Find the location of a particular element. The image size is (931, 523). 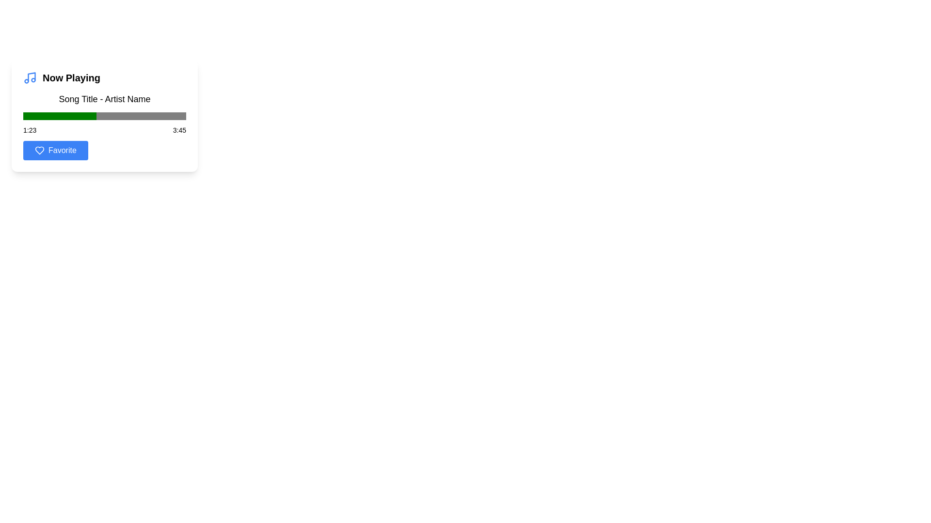

the text label displaying 'Song Title - Artist Name', which is prominently styled and located below the 'Now Playing' label is located at coordinates (105, 99).